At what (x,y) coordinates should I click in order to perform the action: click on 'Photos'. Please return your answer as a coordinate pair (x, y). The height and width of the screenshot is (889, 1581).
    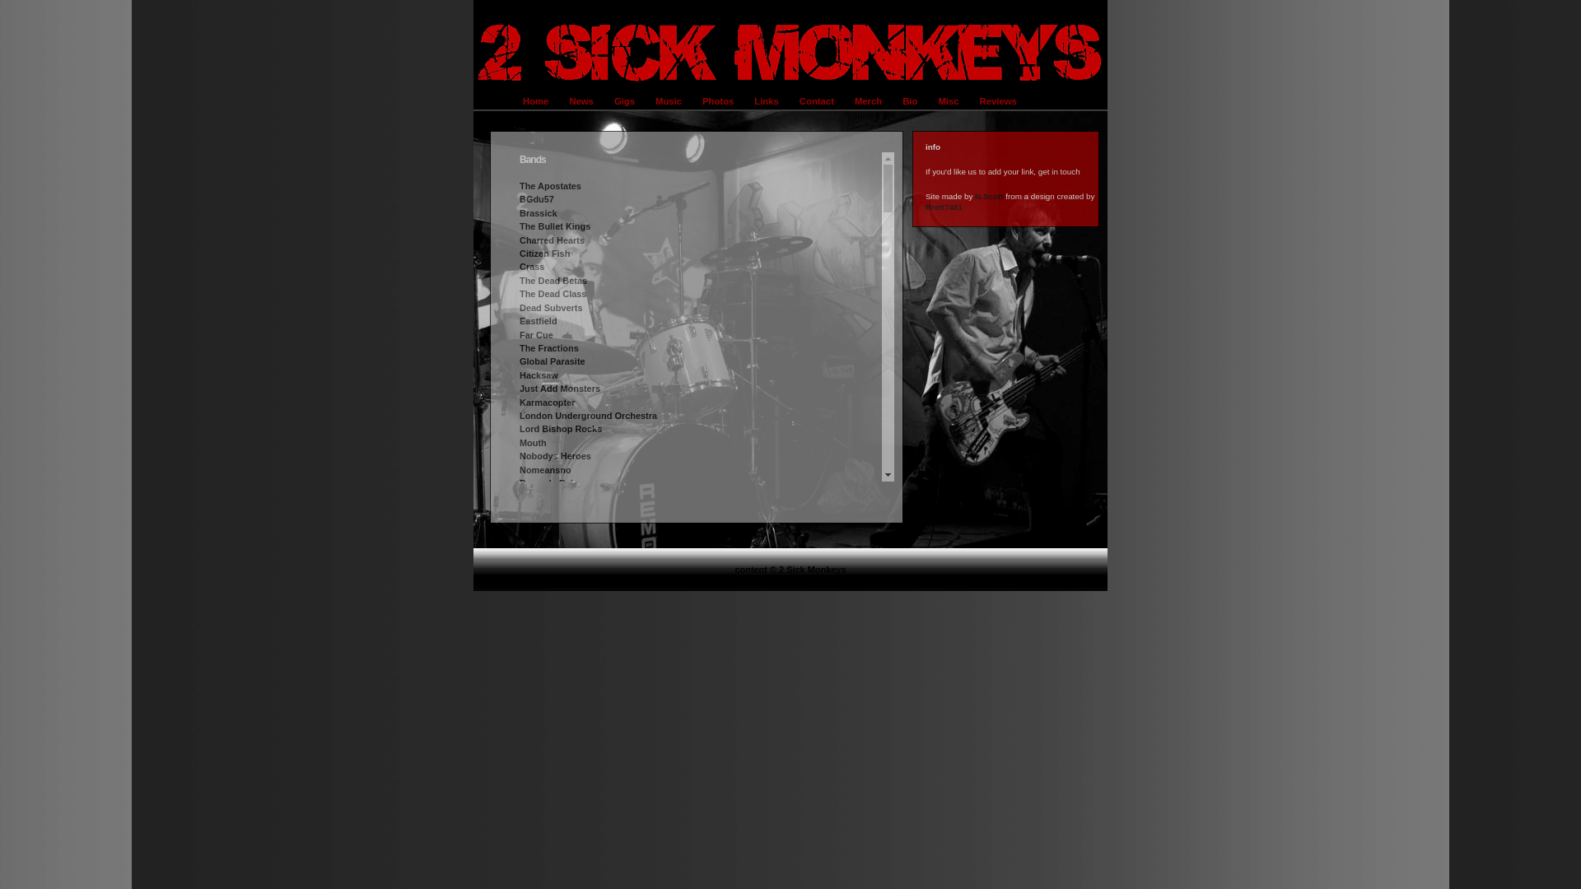
    Looking at the image, I should click on (720, 100).